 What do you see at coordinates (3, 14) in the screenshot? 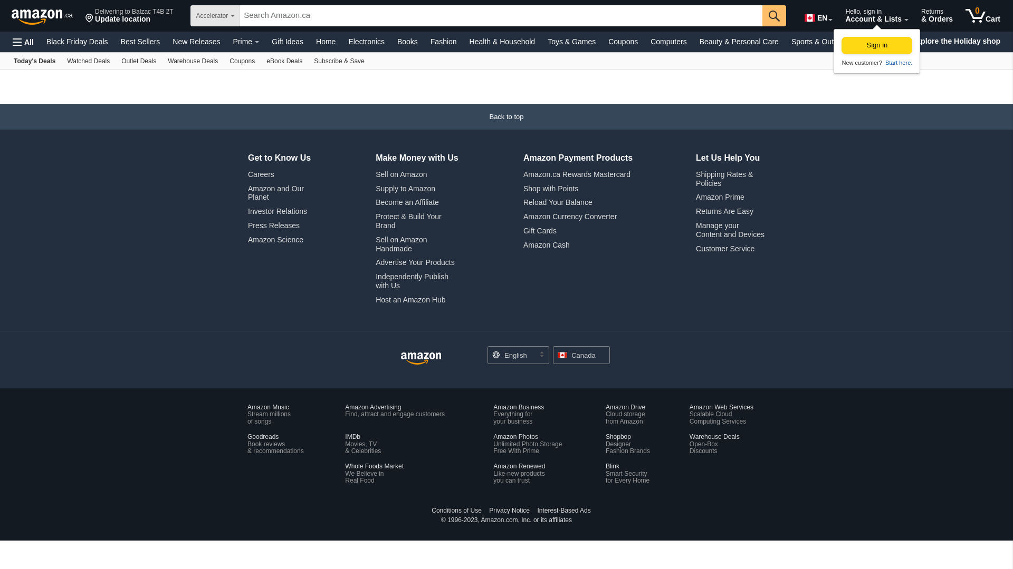
I see `'Skip to main content'` at bounding box center [3, 14].